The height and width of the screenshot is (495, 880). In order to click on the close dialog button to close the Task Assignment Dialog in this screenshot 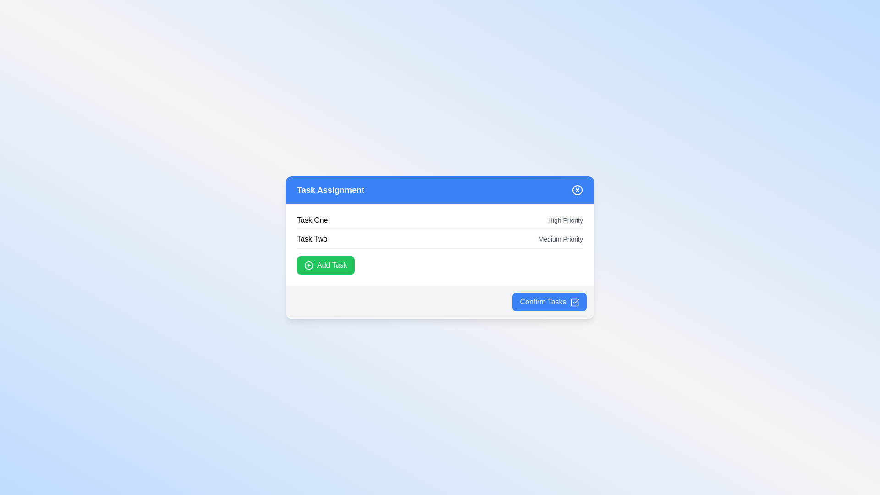, I will do `click(577, 190)`.